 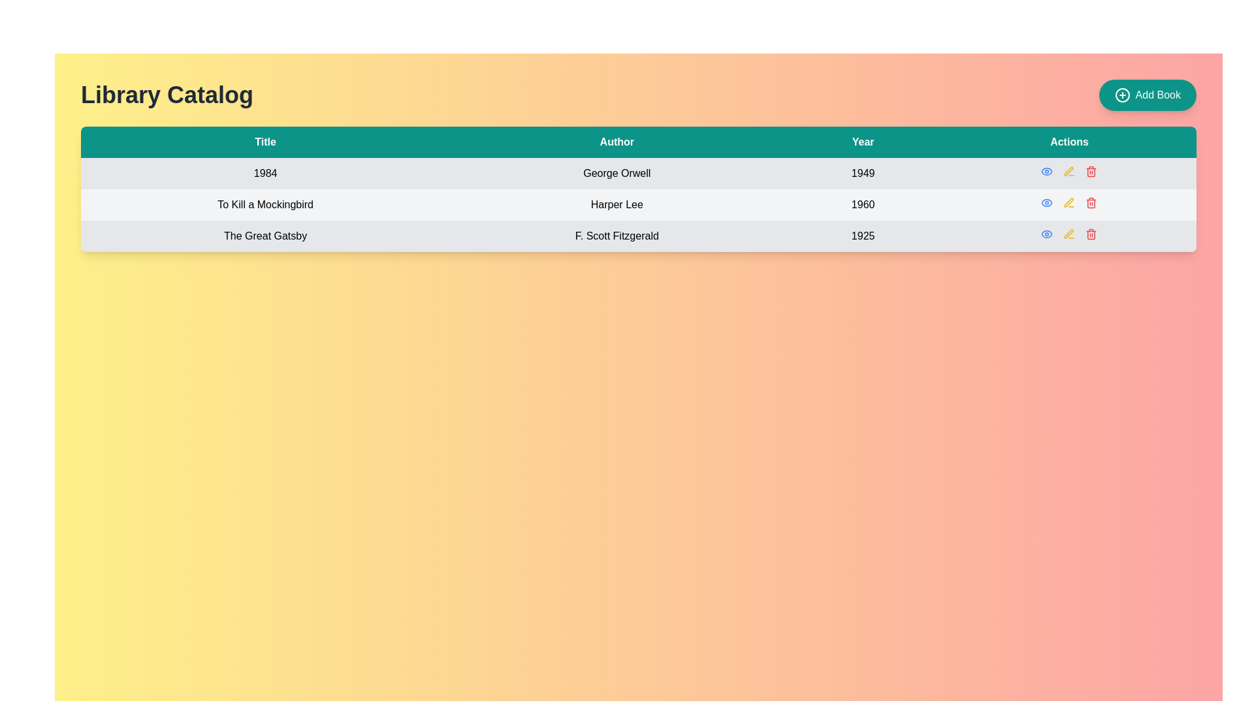 I want to click on the 'Author' label in the table header, which is styled in white font on a teal background and positioned second from the left among four columns, so click(x=616, y=142).